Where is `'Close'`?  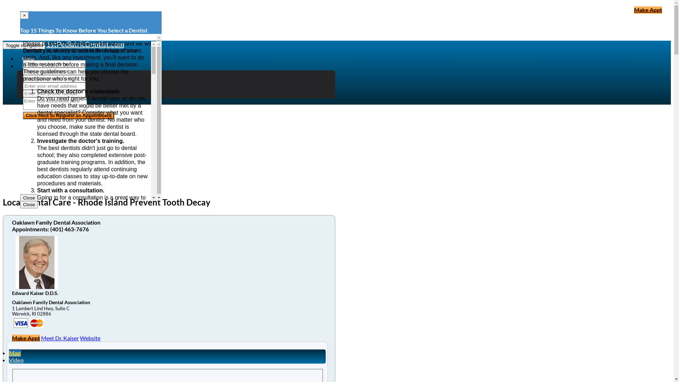
'Close' is located at coordinates (20, 204).